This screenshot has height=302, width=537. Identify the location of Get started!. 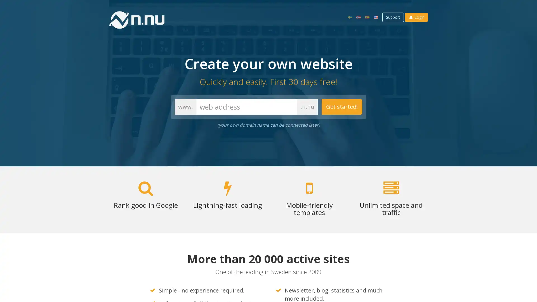
(341, 107).